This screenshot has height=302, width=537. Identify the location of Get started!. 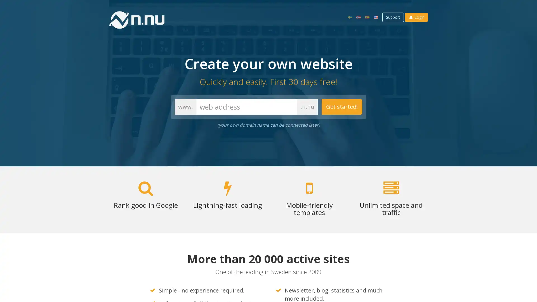
(341, 107).